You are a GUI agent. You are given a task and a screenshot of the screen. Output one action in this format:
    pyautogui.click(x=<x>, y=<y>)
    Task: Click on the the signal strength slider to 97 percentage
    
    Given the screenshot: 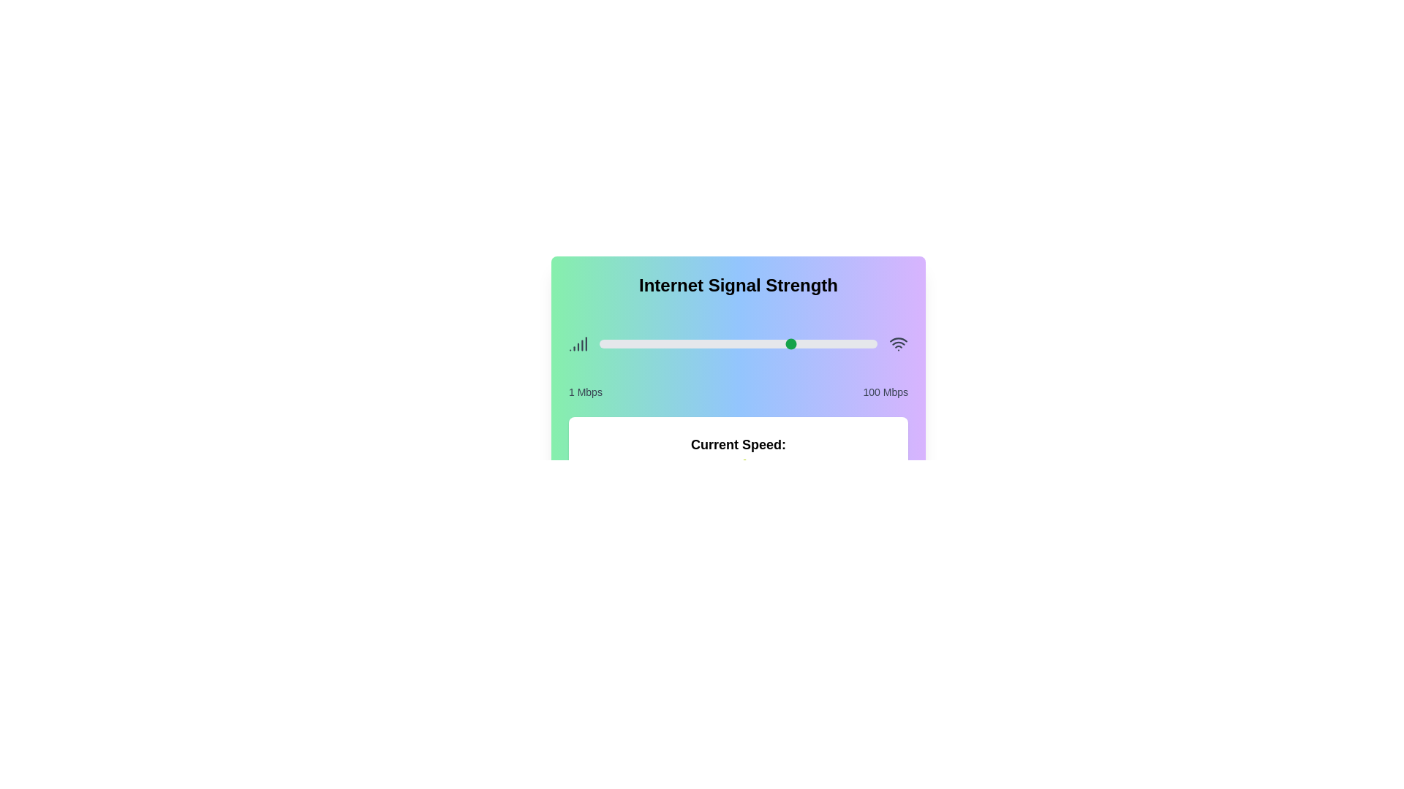 What is the action you would take?
    pyautogui.click(x=868, y=343)
    